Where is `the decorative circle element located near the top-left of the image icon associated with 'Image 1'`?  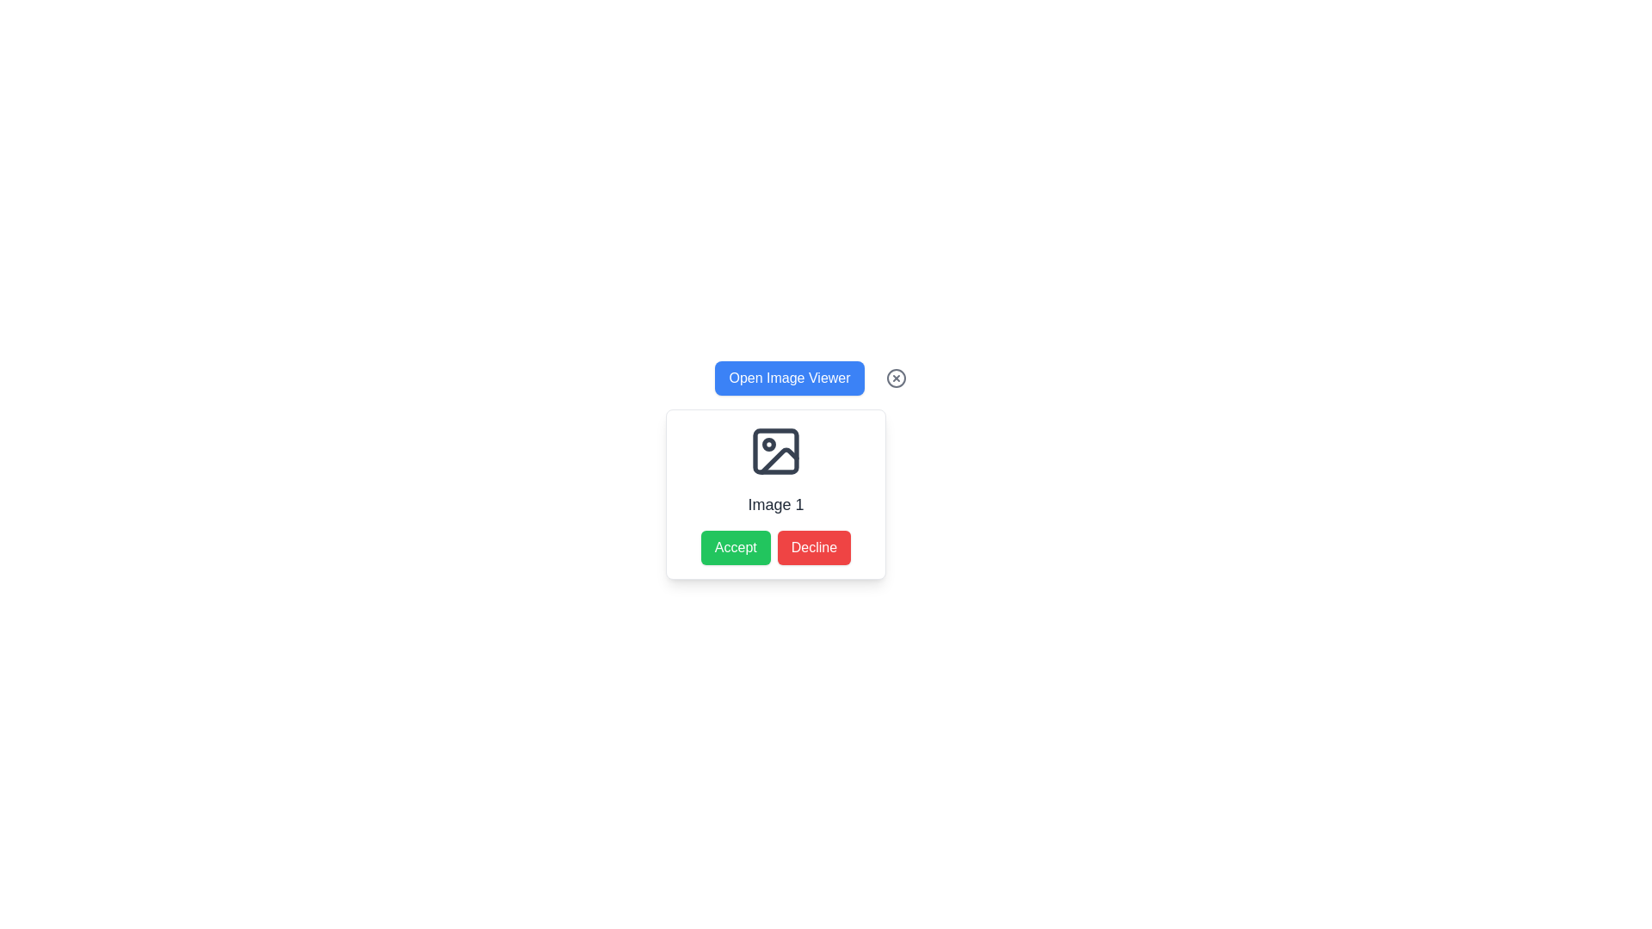
the decorative circle element located near the top-left of the image icon associated with 'Image 1' is located at coordinates (767, 443).